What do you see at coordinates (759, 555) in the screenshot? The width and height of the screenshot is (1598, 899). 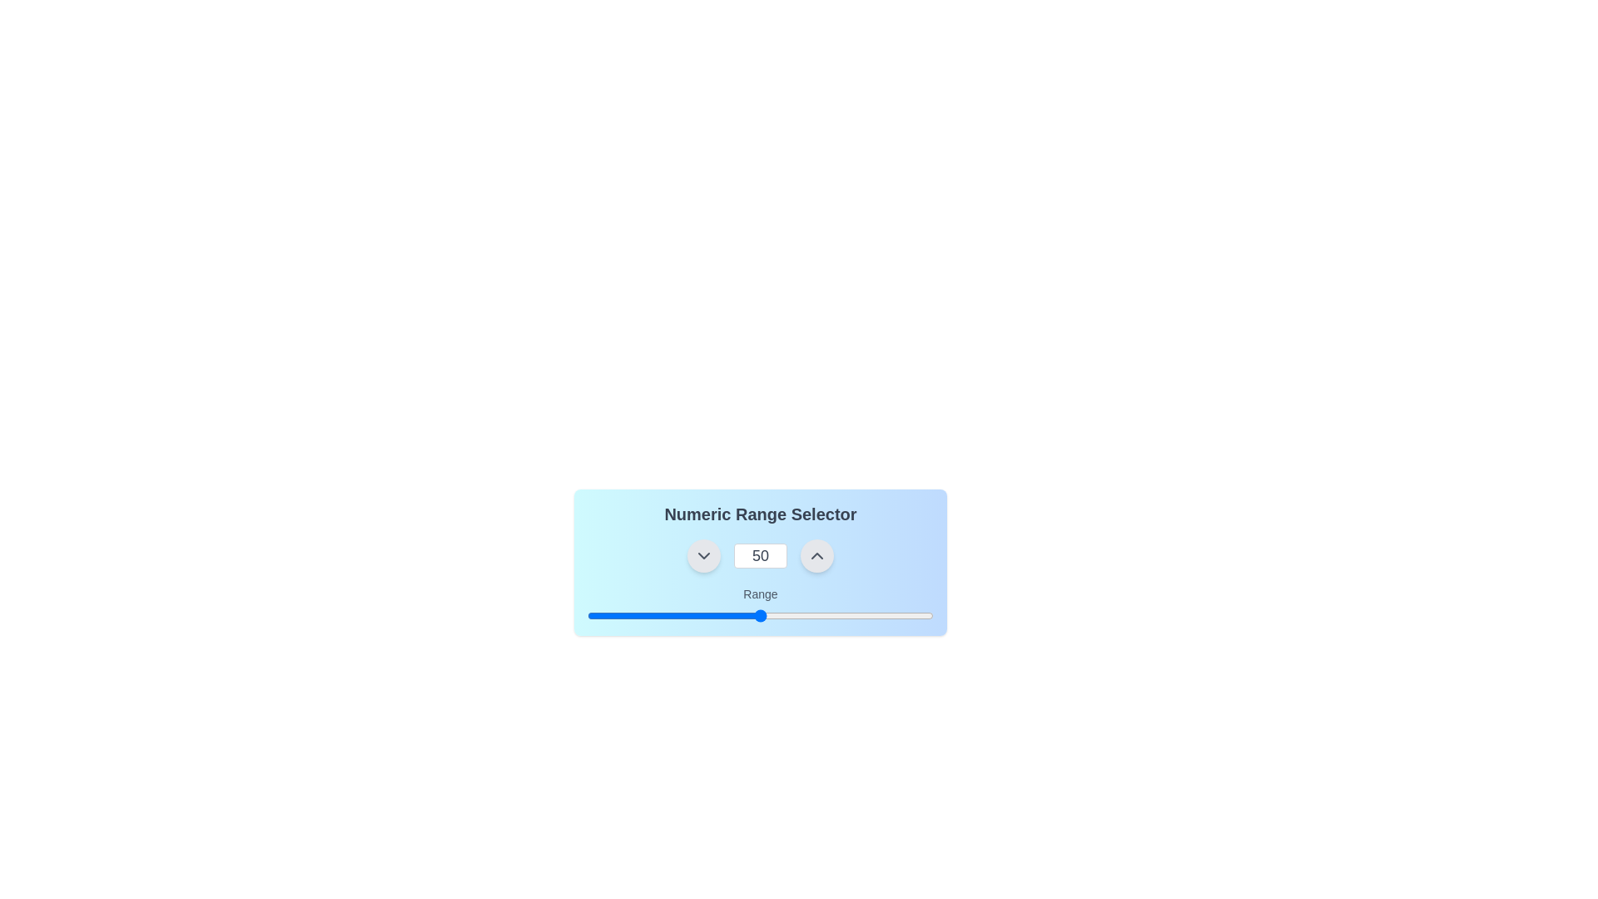 I see `the text input box with a white background, gray border, and rounded corners that displays the value '50' in bold, positioned centrally between two circular buttons for increment and decrement` at bounding box center [759, 555].